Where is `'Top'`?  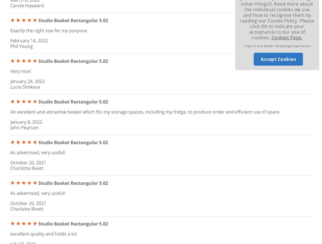 'Top' is located at coordinates (7, 88).